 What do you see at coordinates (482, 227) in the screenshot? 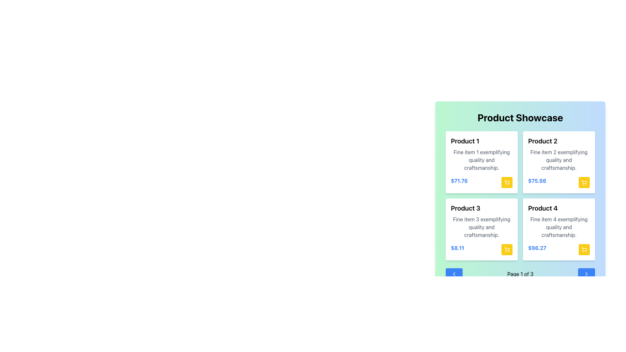
I see `the text display reading 'Fine item 3 exemplifying quality and craftsmanship' located in the third card titled 'Product 3' in the second row of the product grid` at bounding box center [482, 227].